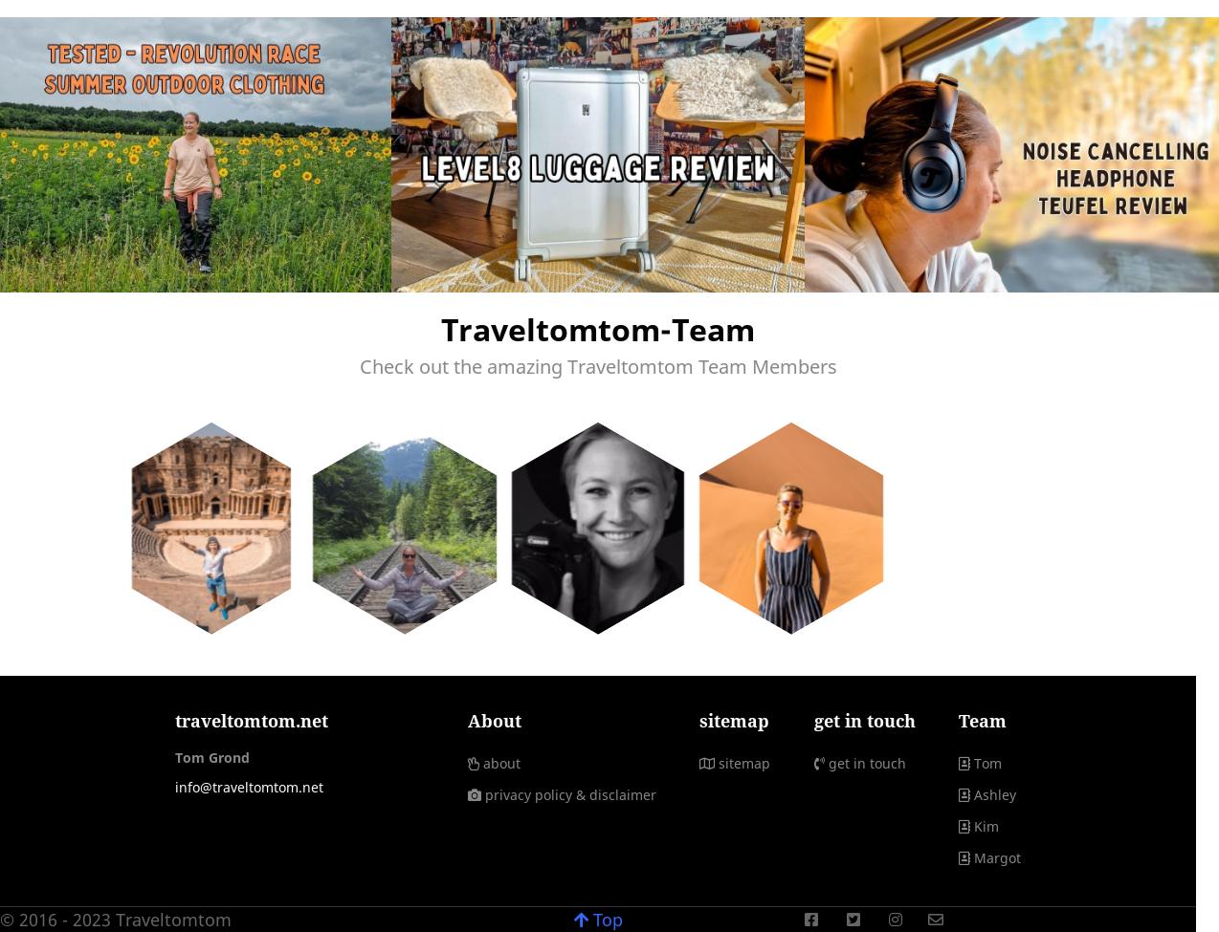 The width and height of the screenshot is (1219, 932). Describe the element at coordinates (981, 718) in the screenshot. I see `'Team'` at that location.